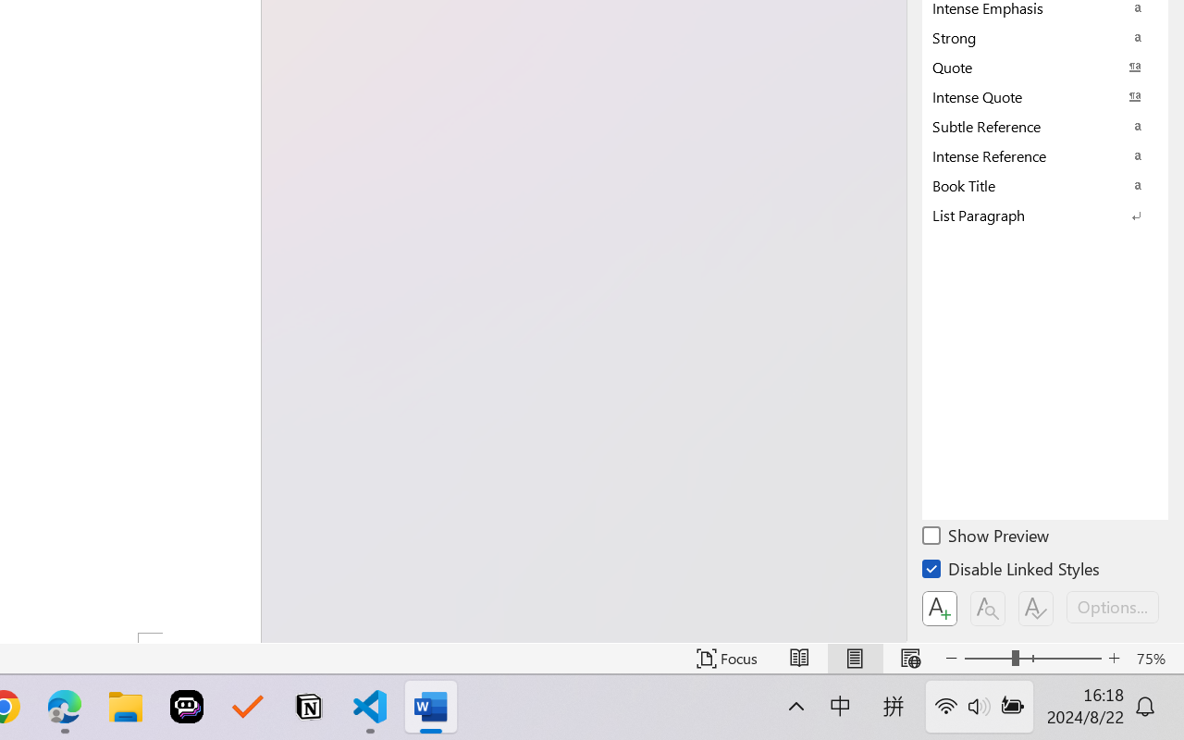 Image resolution: width=1184 pixels, height=740 pixels. I want to click on 'Subtle Reference', so click(1045, 126).